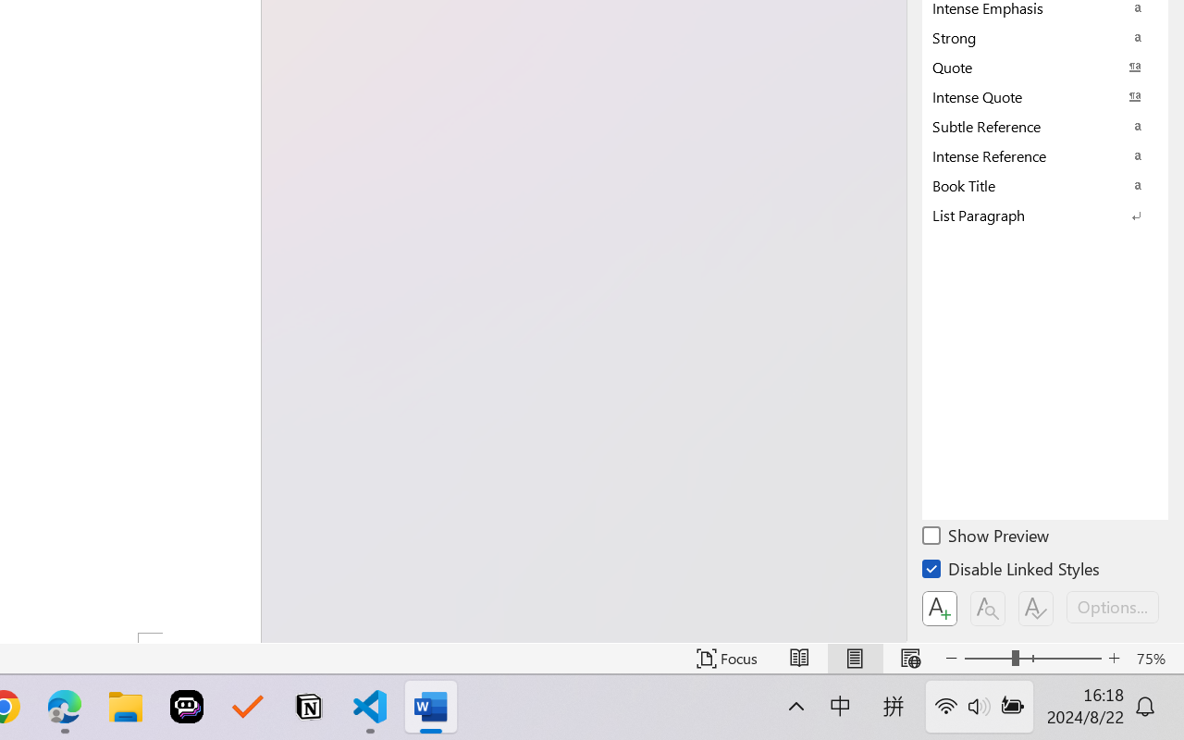 Image resolution: width=1184 pixels, height=740 pixels. I want to click on 'Subtle Reference', so click(1045, 126).